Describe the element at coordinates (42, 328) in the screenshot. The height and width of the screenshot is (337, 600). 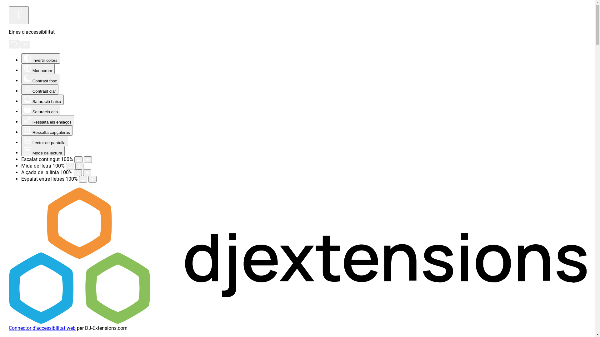
I see `'Connector d'accessibilitat web'` at that location.